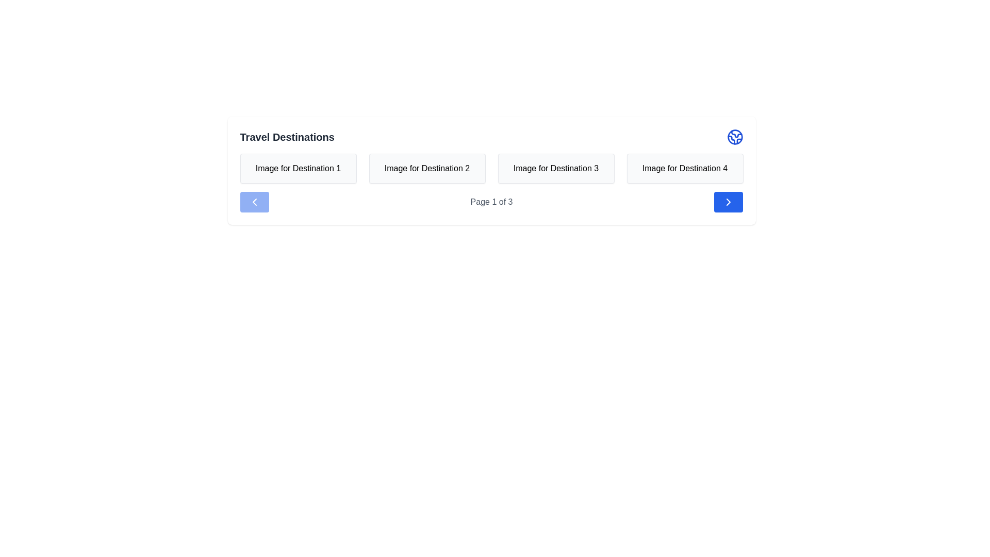  What do you see at coordinates (254, 202) in the screenshot?
I see `blue rectangular button with rounded corners containing a left-pointing chevron icon, located on the far left side of the pagination control at the bottom of the page, for accessibility purposes` at bounding box center [254, 202].